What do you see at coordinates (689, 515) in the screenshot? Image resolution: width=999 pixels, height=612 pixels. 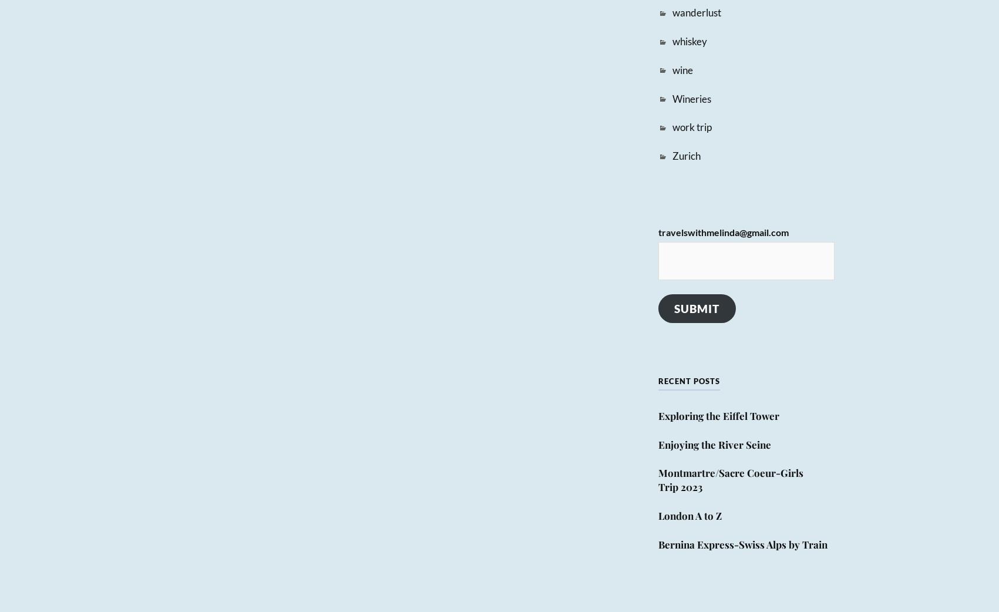 I see `'London A to Z'` at bounding box center [689, 515].